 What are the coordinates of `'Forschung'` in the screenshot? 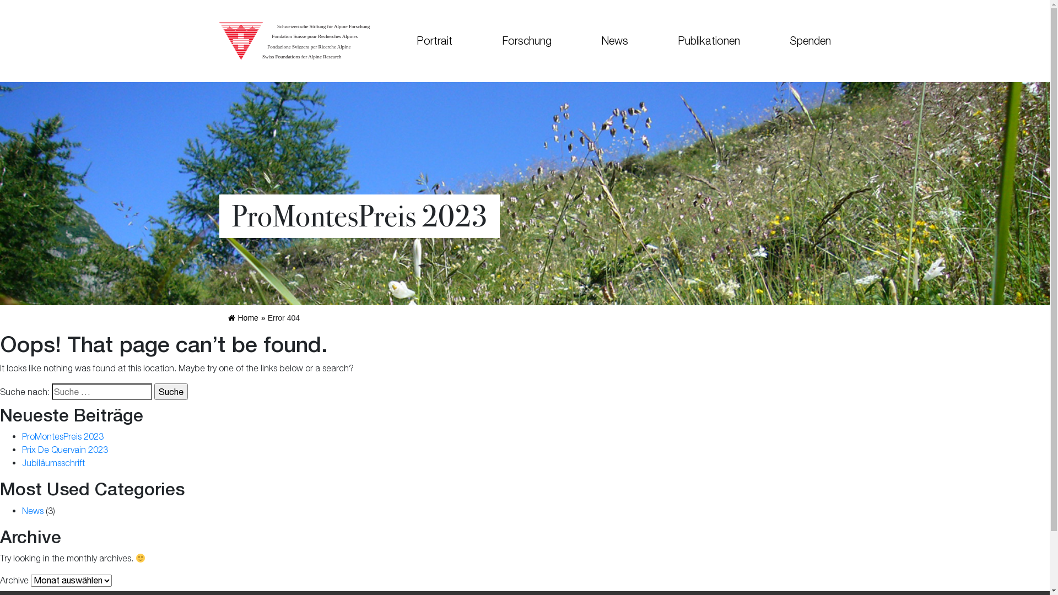 It's located at (477, 40).